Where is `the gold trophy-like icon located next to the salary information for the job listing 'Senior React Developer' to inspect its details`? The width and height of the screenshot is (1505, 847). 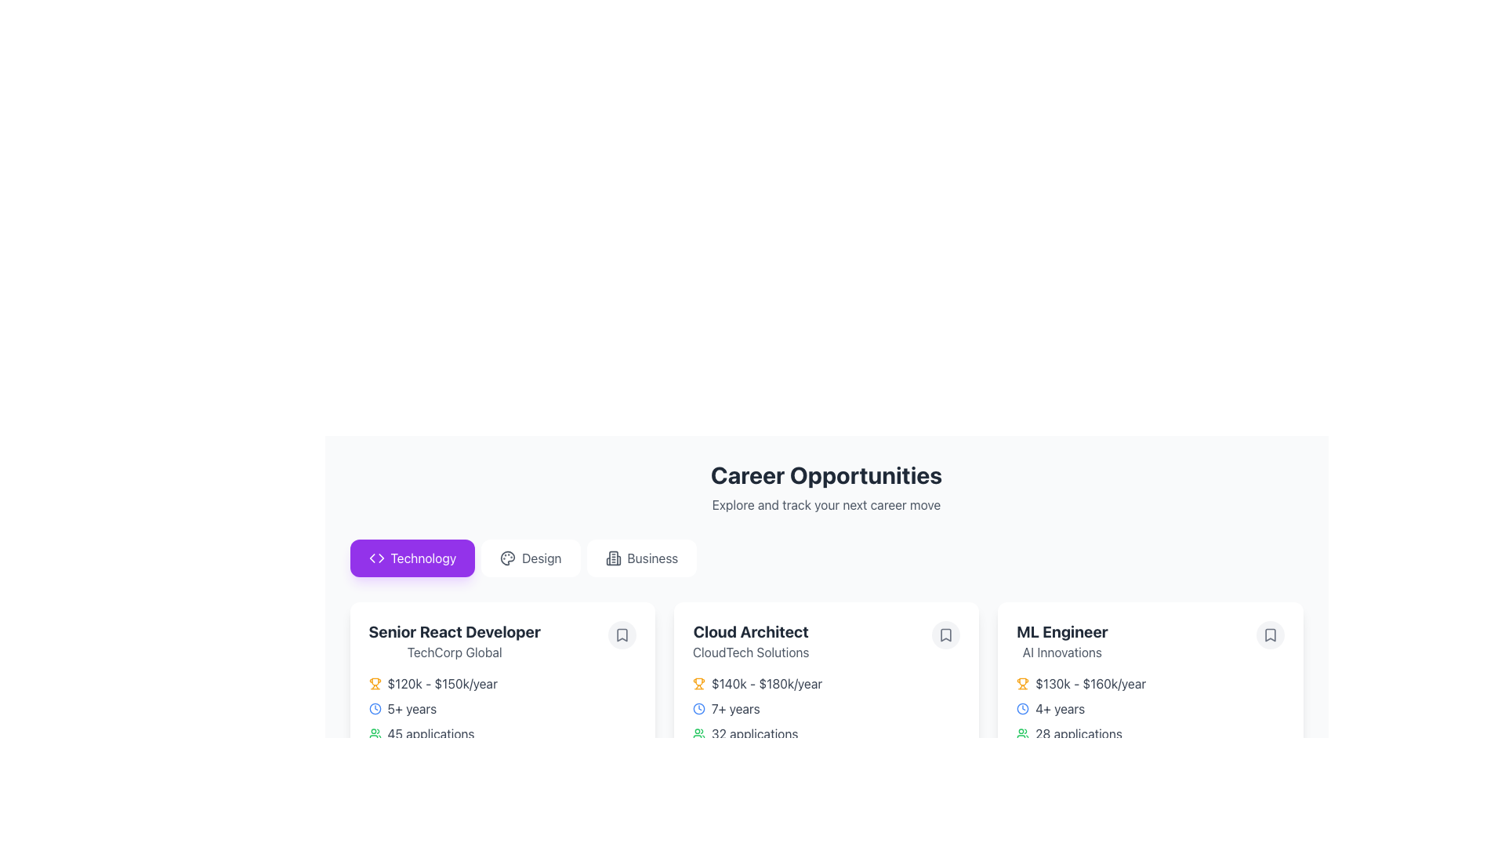
the gold trophy-like icon located next to the salary information for the job listing 'Senior React Developer' to inspect its details is located at coordinates (698, 681).